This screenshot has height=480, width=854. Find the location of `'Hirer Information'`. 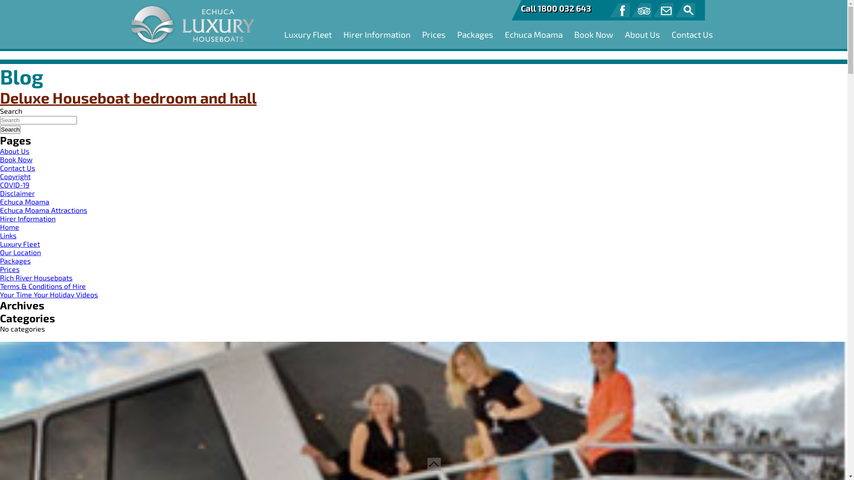

'Hirer Information' is located at coordinates (334, 34).